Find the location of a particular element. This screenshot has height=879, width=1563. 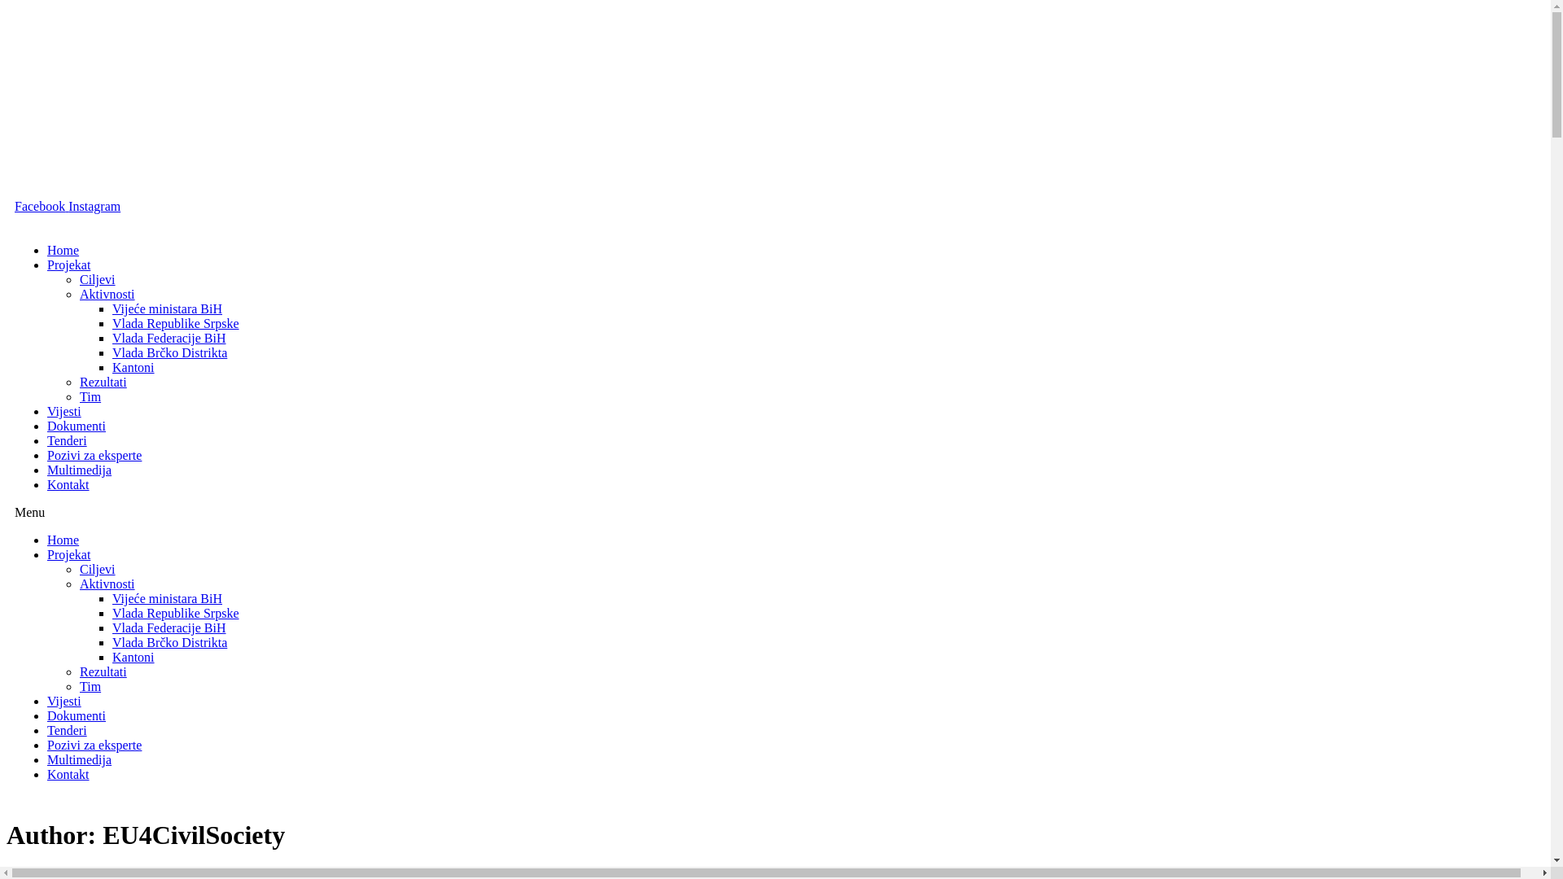

'Tenderi' is located at coordinates (66, 729).